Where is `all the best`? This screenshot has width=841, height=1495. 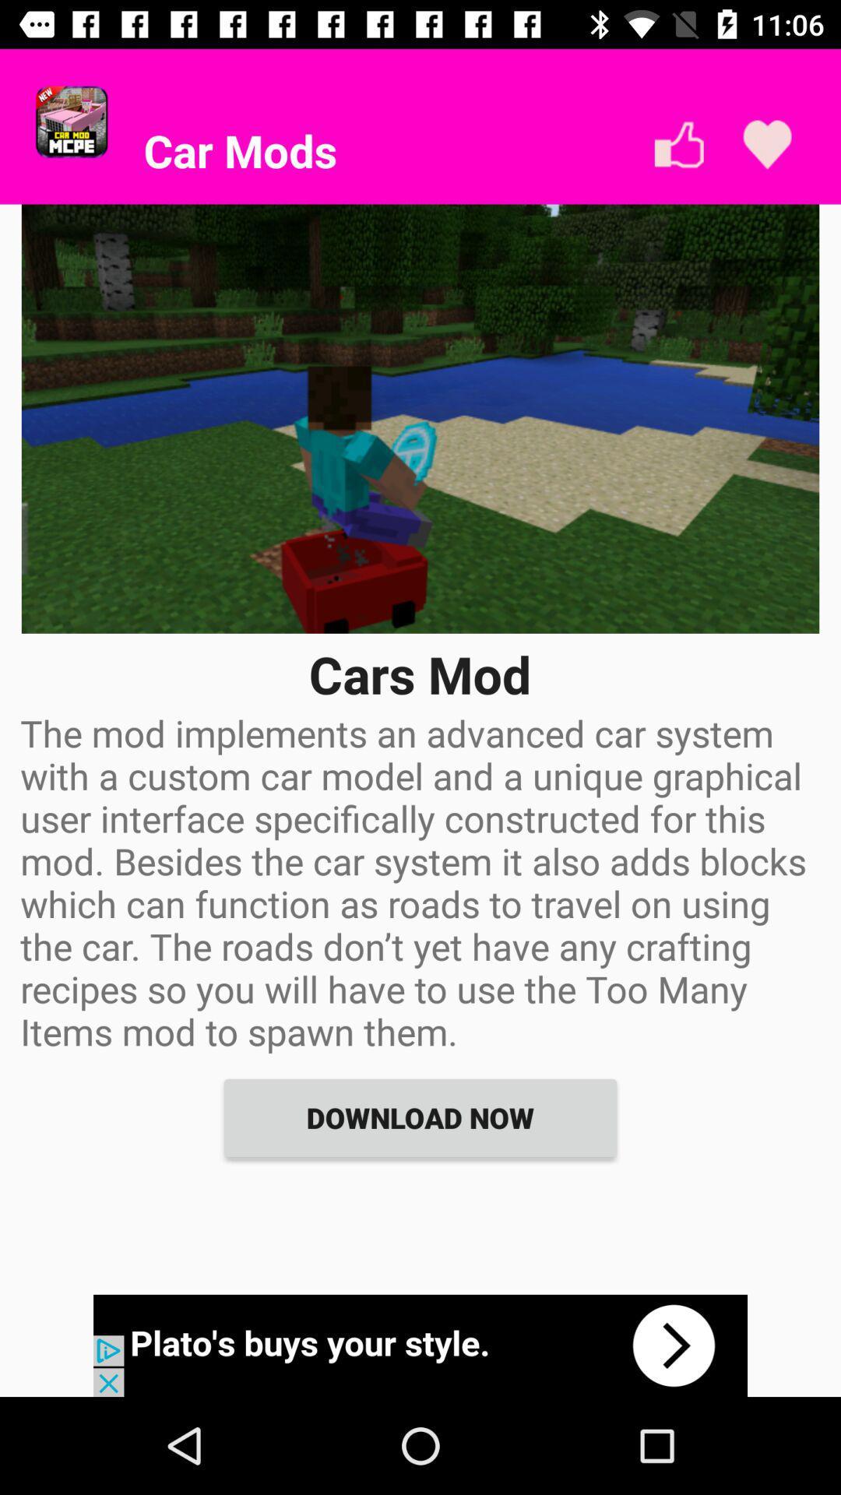 all the best is located at coordinates (678, 145).